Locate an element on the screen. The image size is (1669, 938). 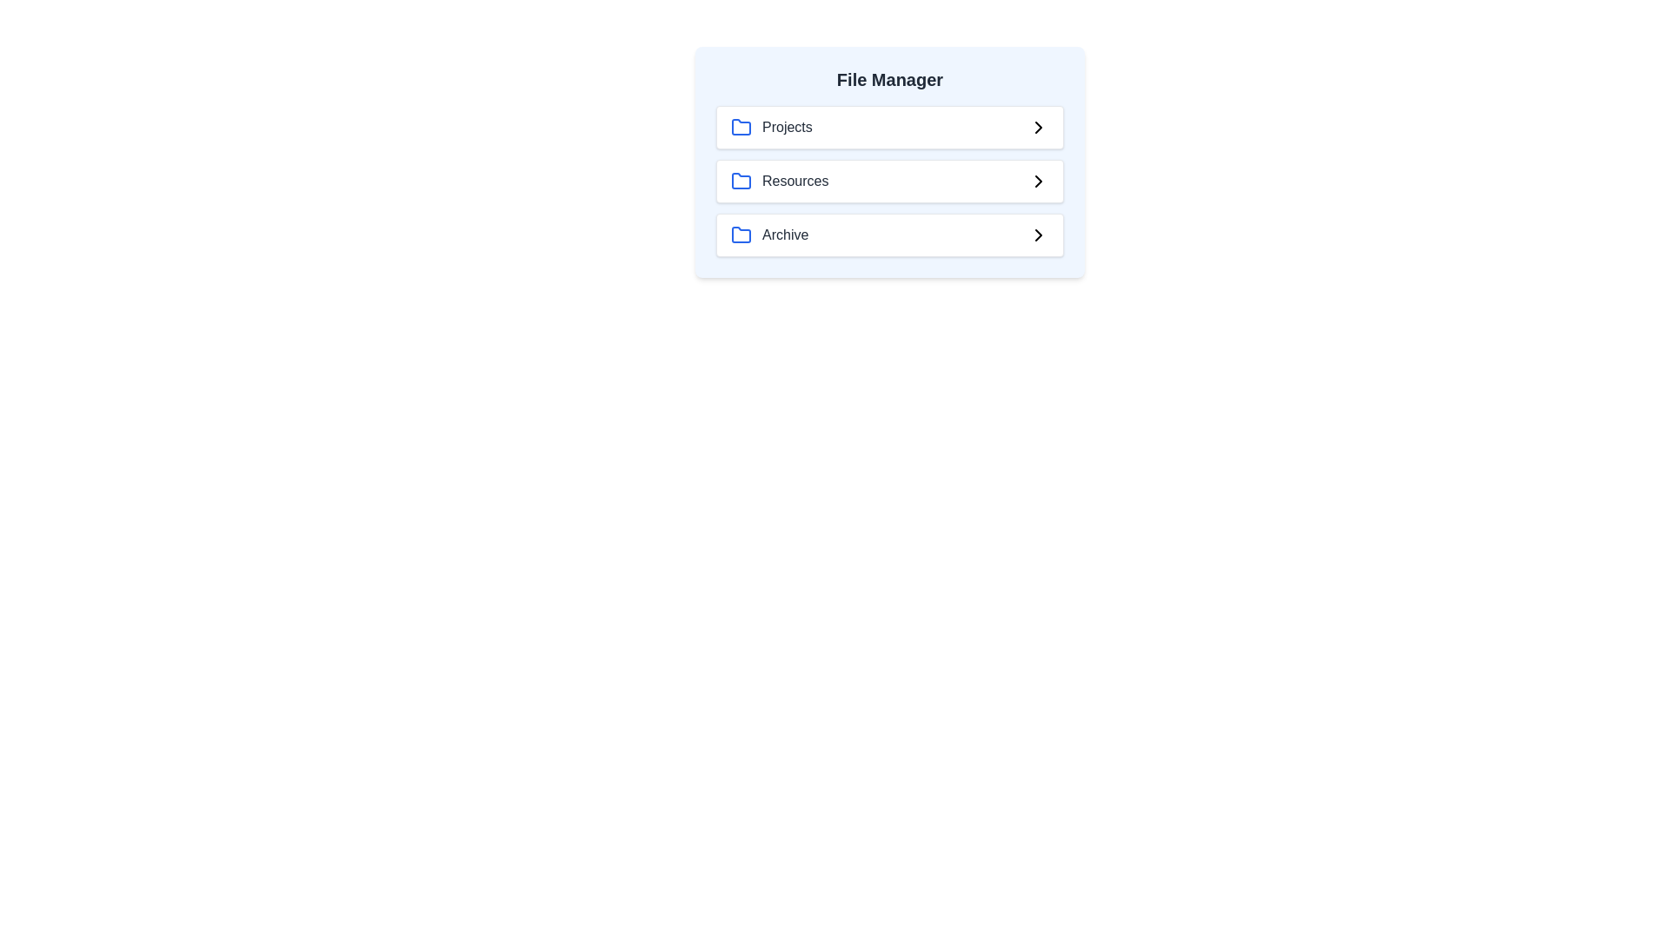
the 'Projects' list item is located at coordinates (770, 126).